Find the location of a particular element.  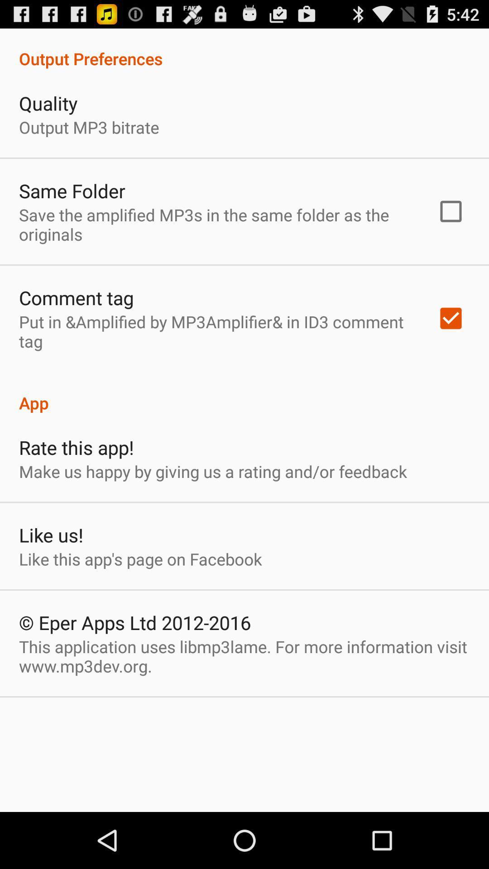

the output mp3 bitrate is located at coordinates (89, 127).